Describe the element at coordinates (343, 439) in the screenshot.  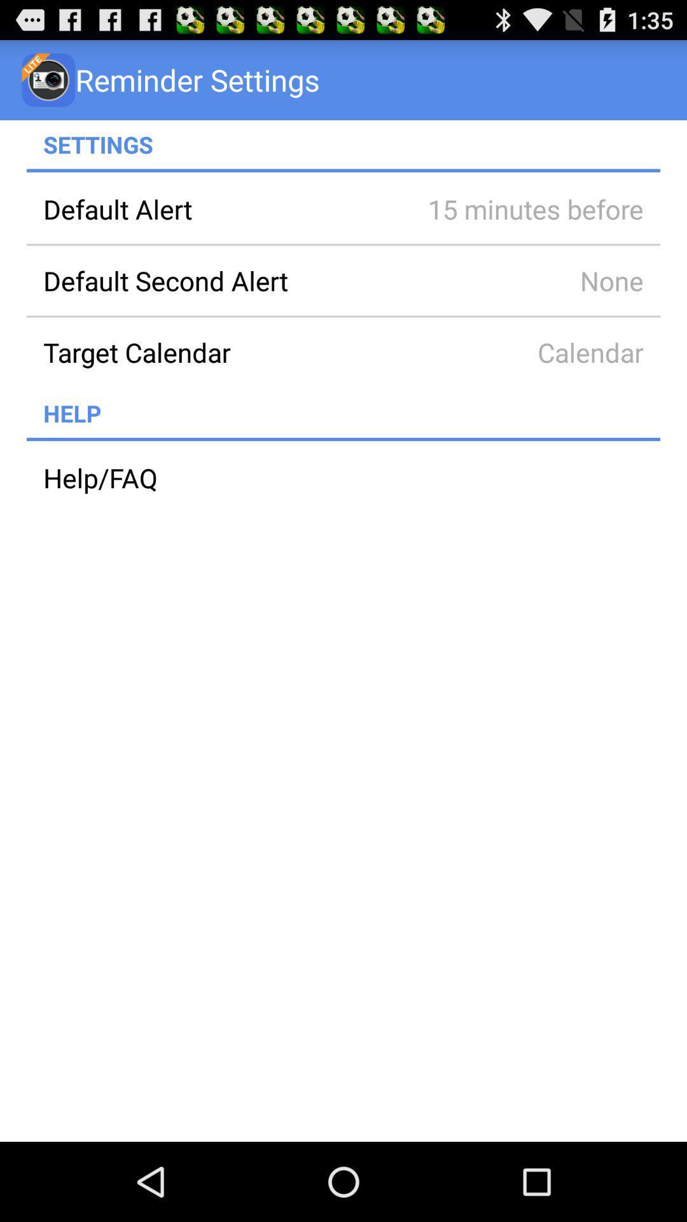
I see `app below help` at that location.